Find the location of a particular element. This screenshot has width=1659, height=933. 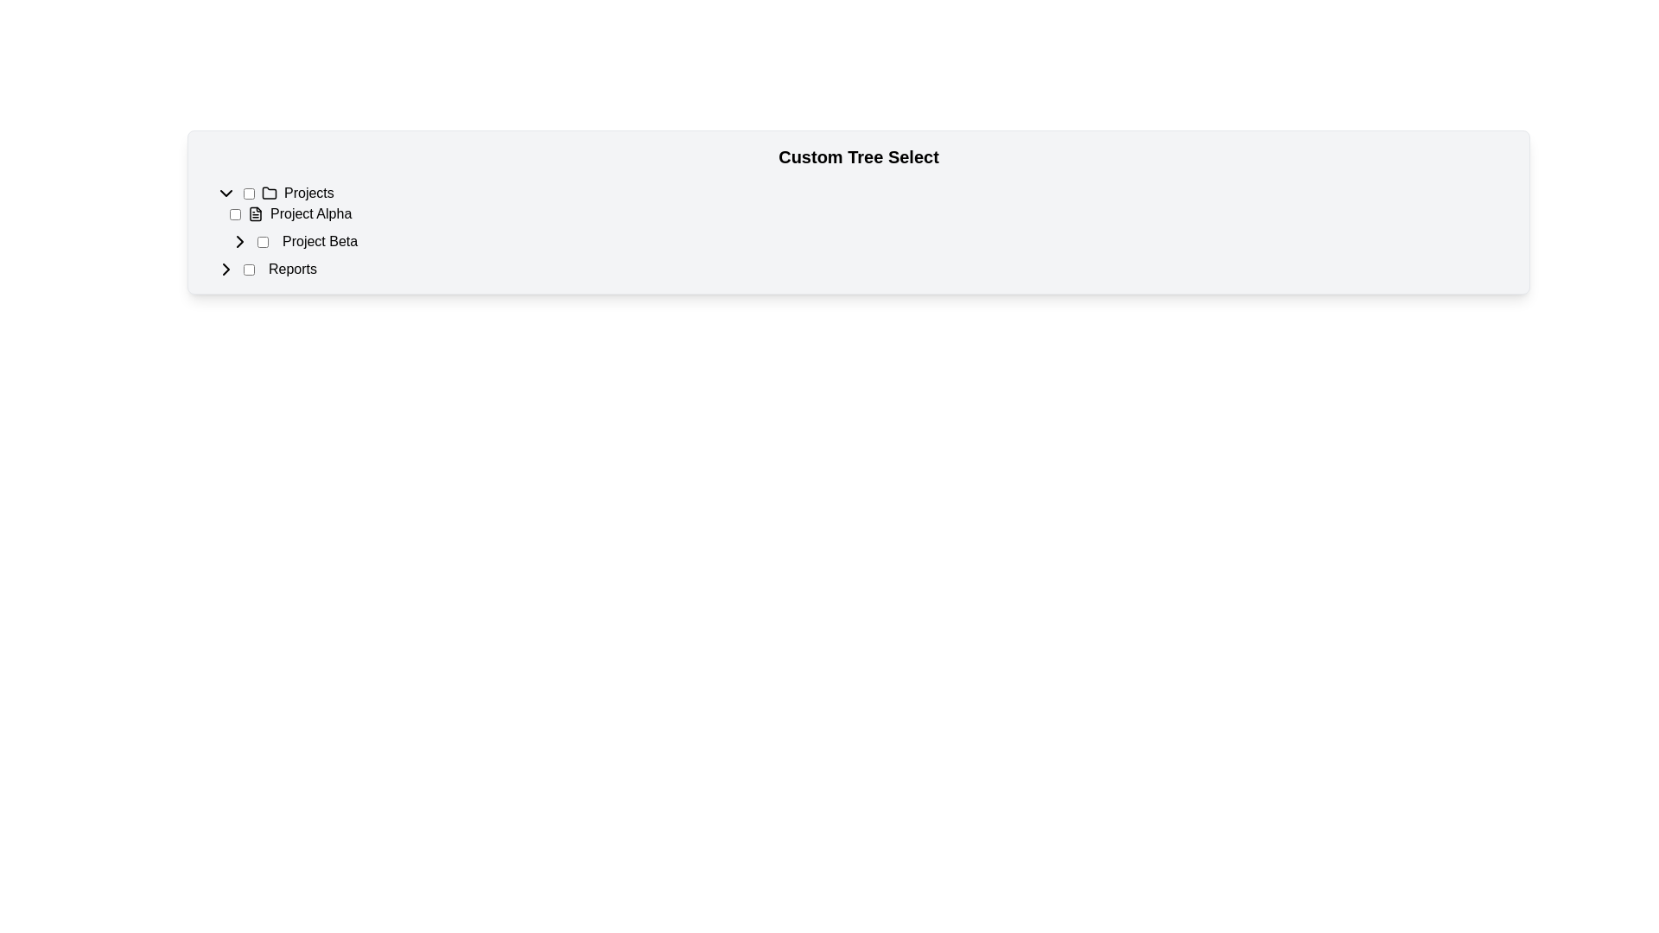

the checkbox labeled 'Reports' is located at coordinates (280, 270).